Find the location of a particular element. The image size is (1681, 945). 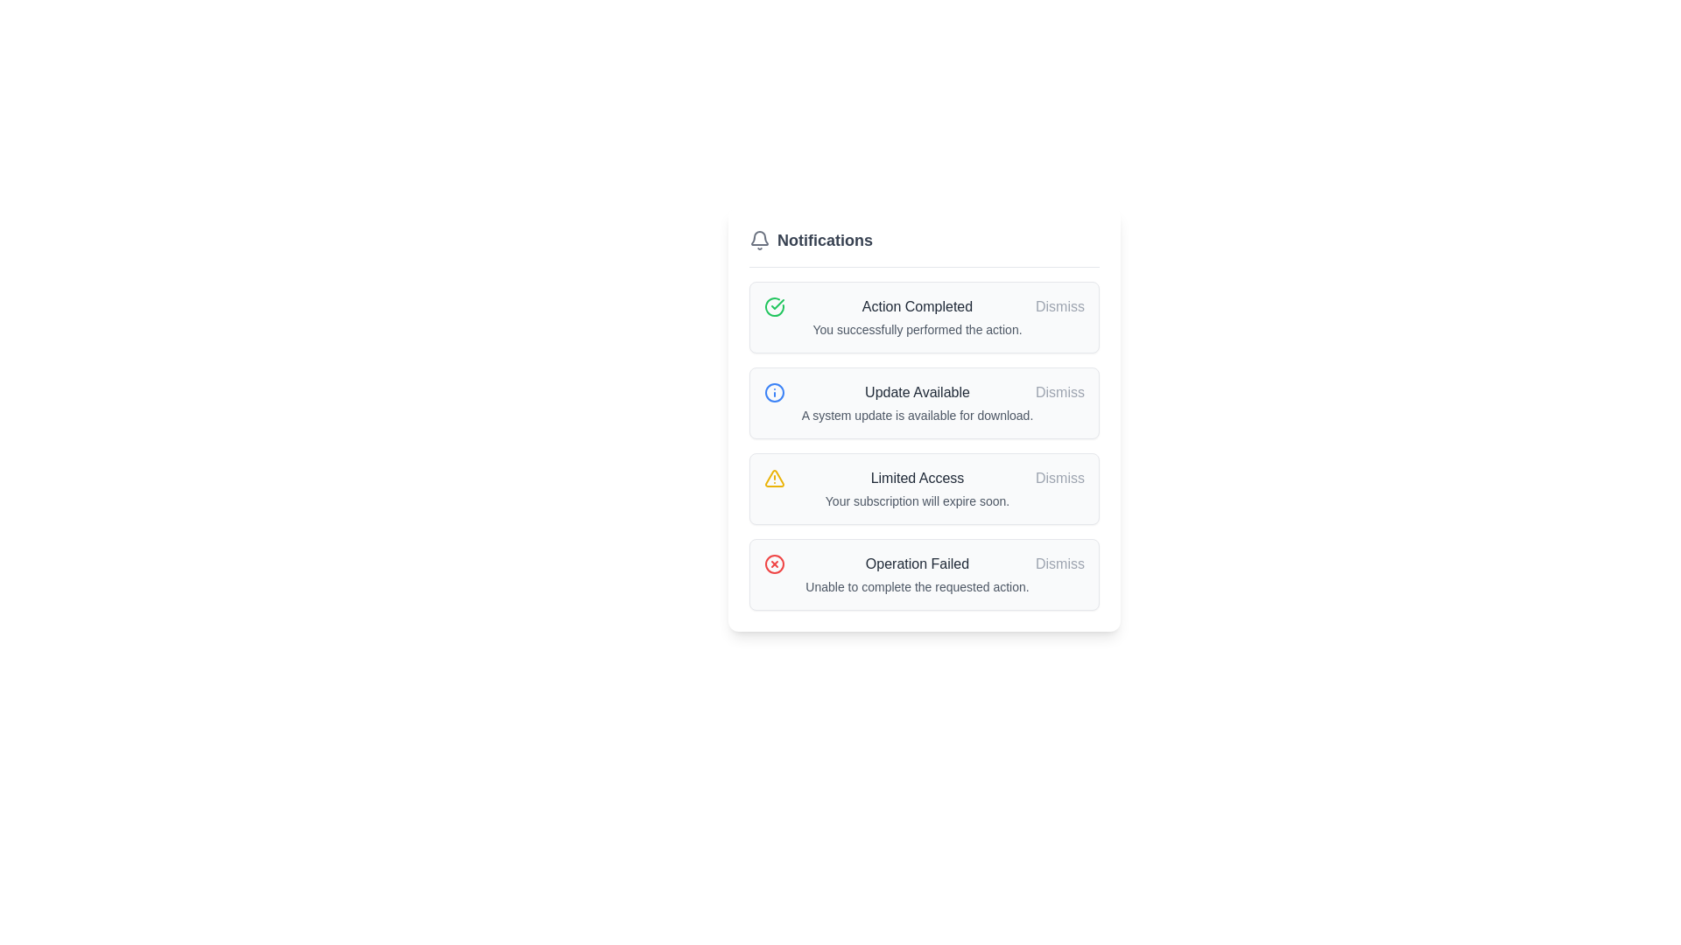

text content of the first notification card in the notifications section, which contains details of a successfully completed action is located at coordinates (924, 317).